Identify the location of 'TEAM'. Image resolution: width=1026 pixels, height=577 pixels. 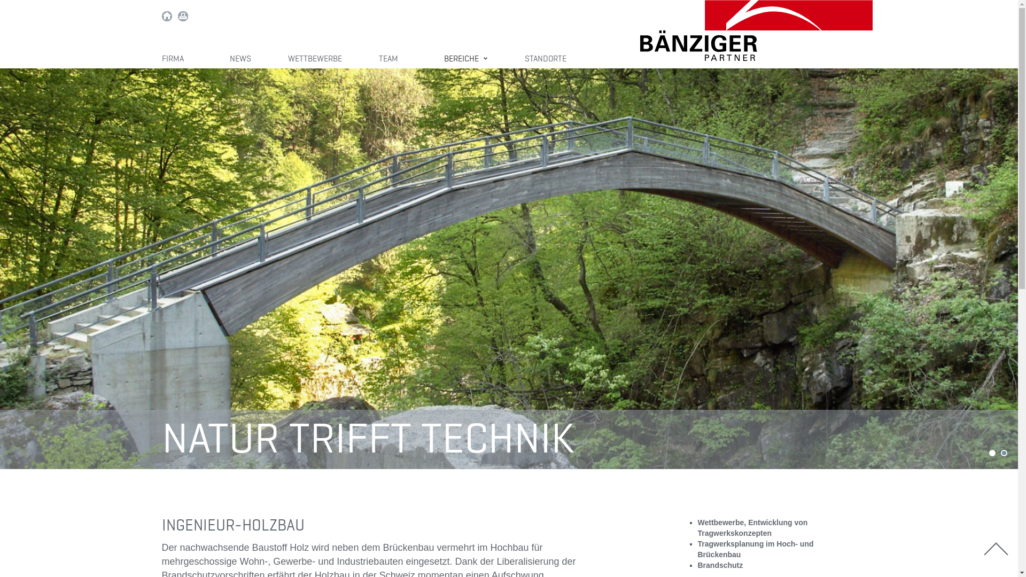
(392, 59).